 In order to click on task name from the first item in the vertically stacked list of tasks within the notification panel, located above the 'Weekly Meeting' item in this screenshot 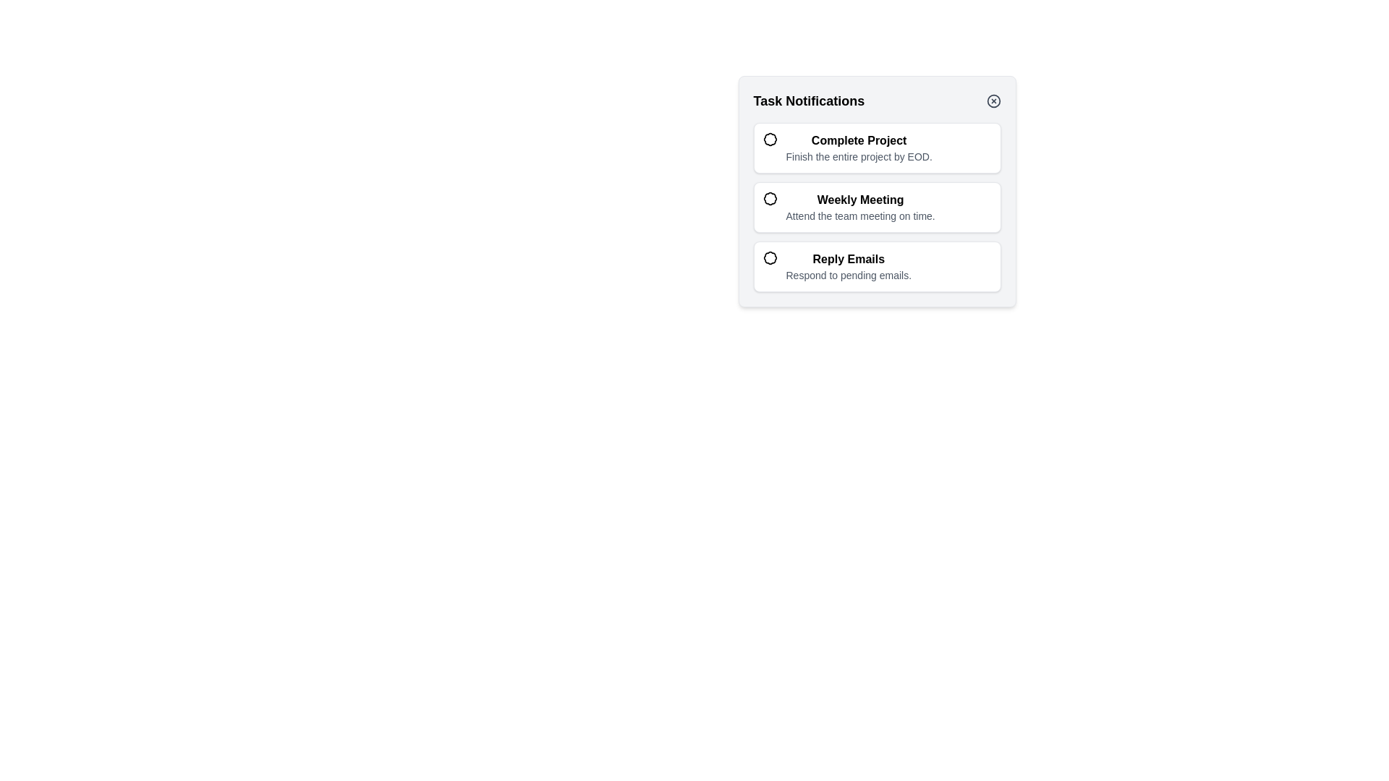, I will do `click(859, 148)`.